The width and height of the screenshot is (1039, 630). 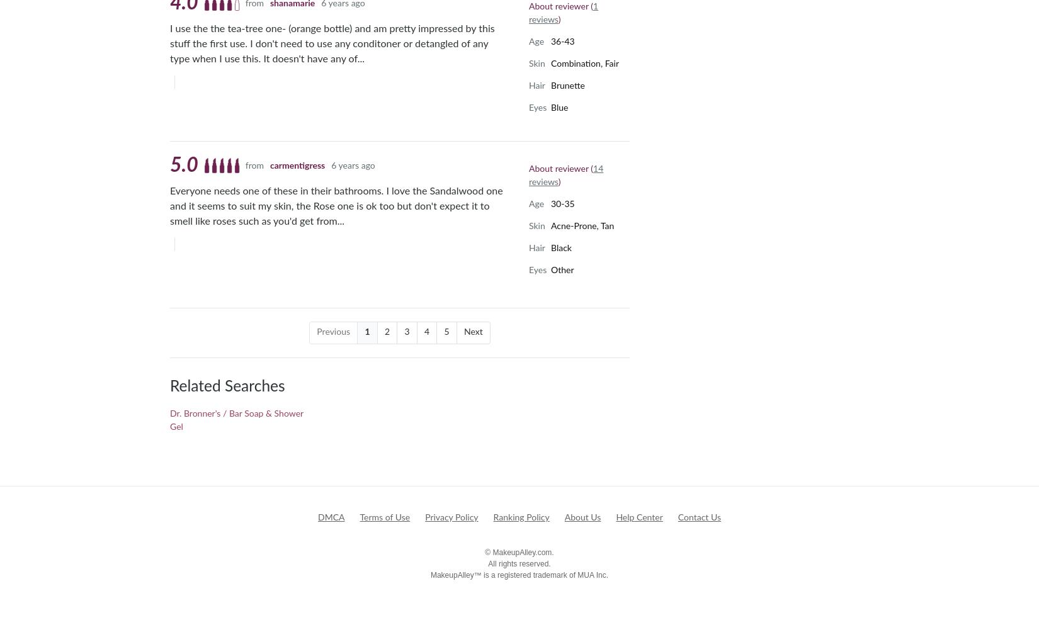 What do you see at coordinates (550, 270) in the screenshot?
I see `'Other'` at bounding box center [550, 270].